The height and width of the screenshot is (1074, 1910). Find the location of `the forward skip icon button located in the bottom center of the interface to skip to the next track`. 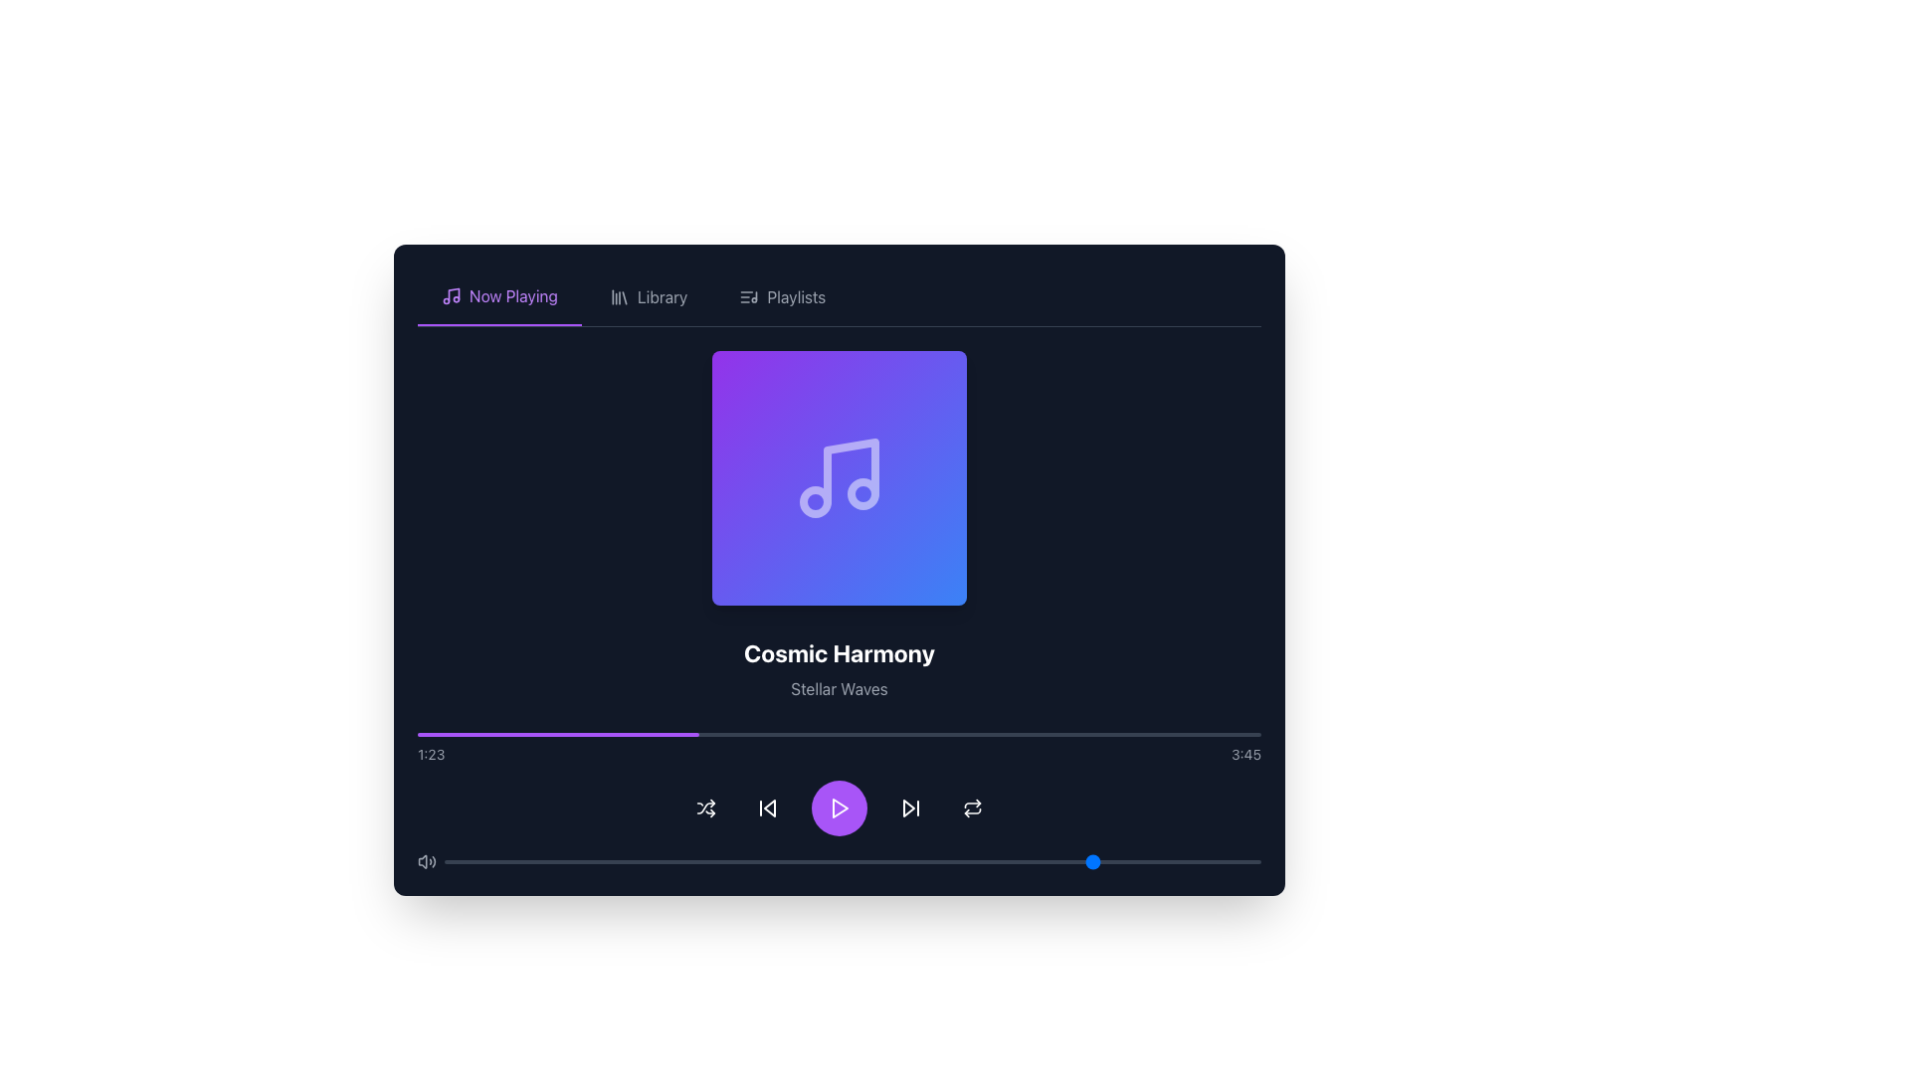

the forward skip icon button located in the bottom center of the interface to skip to the next track is located at coordinates (910, 808).